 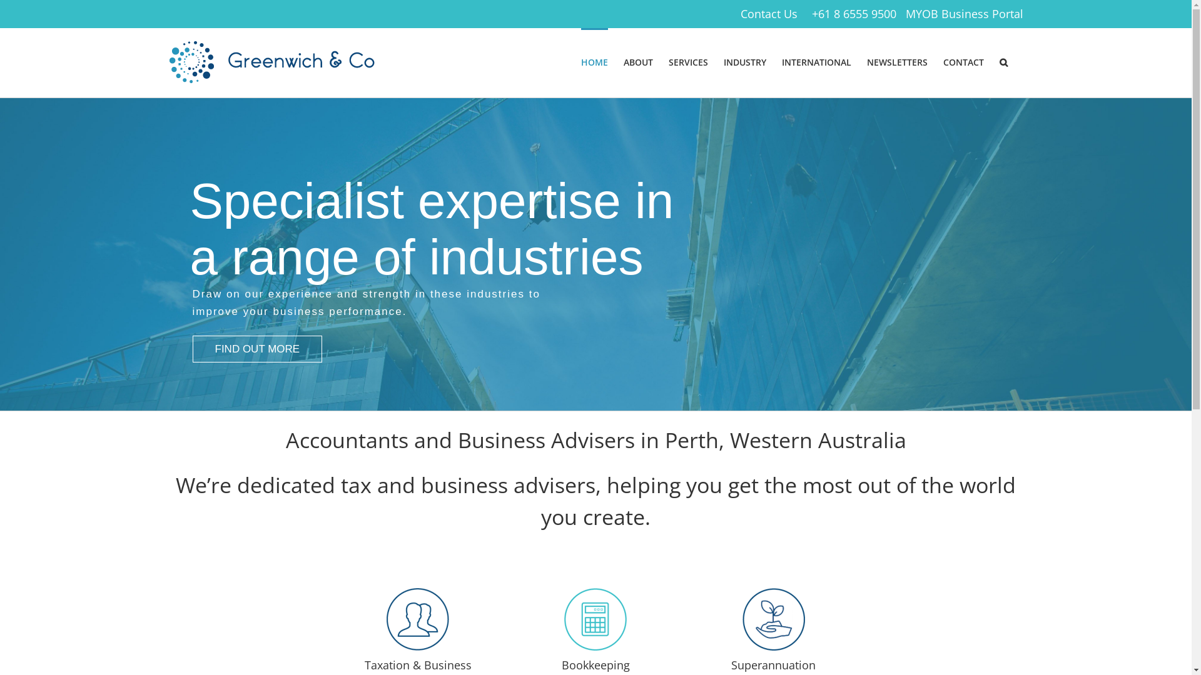 I want to click on 'NEWSLETTERS', so click(x=896, y=61).